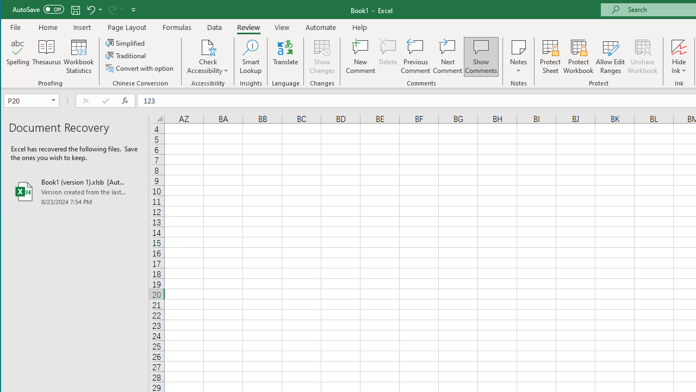  Describe the element at coordinates (285, 57) in the screenshot. I see `'Translate'` at that location.